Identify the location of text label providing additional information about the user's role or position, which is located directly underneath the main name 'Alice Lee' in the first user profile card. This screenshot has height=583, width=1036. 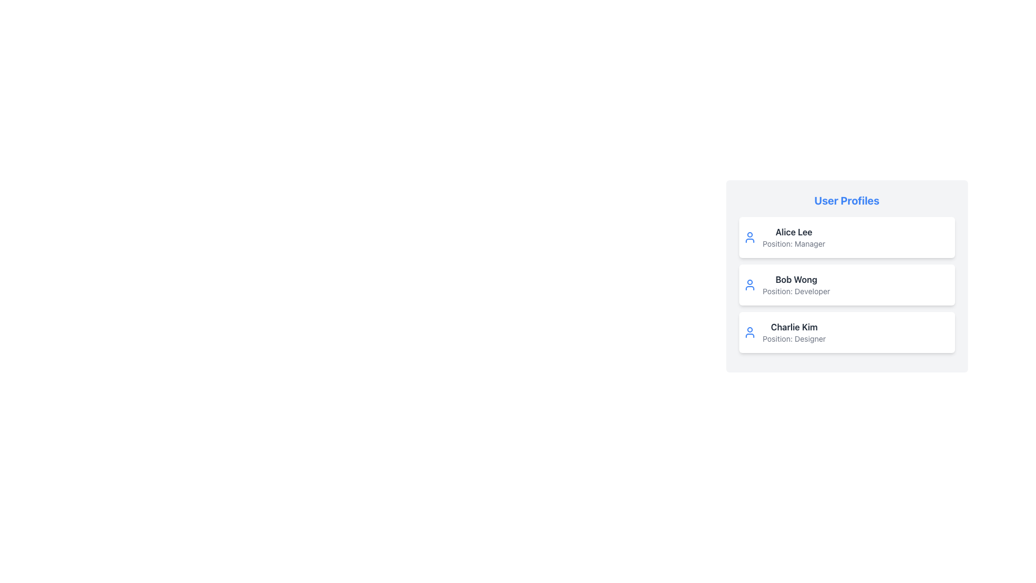
(794, 243).